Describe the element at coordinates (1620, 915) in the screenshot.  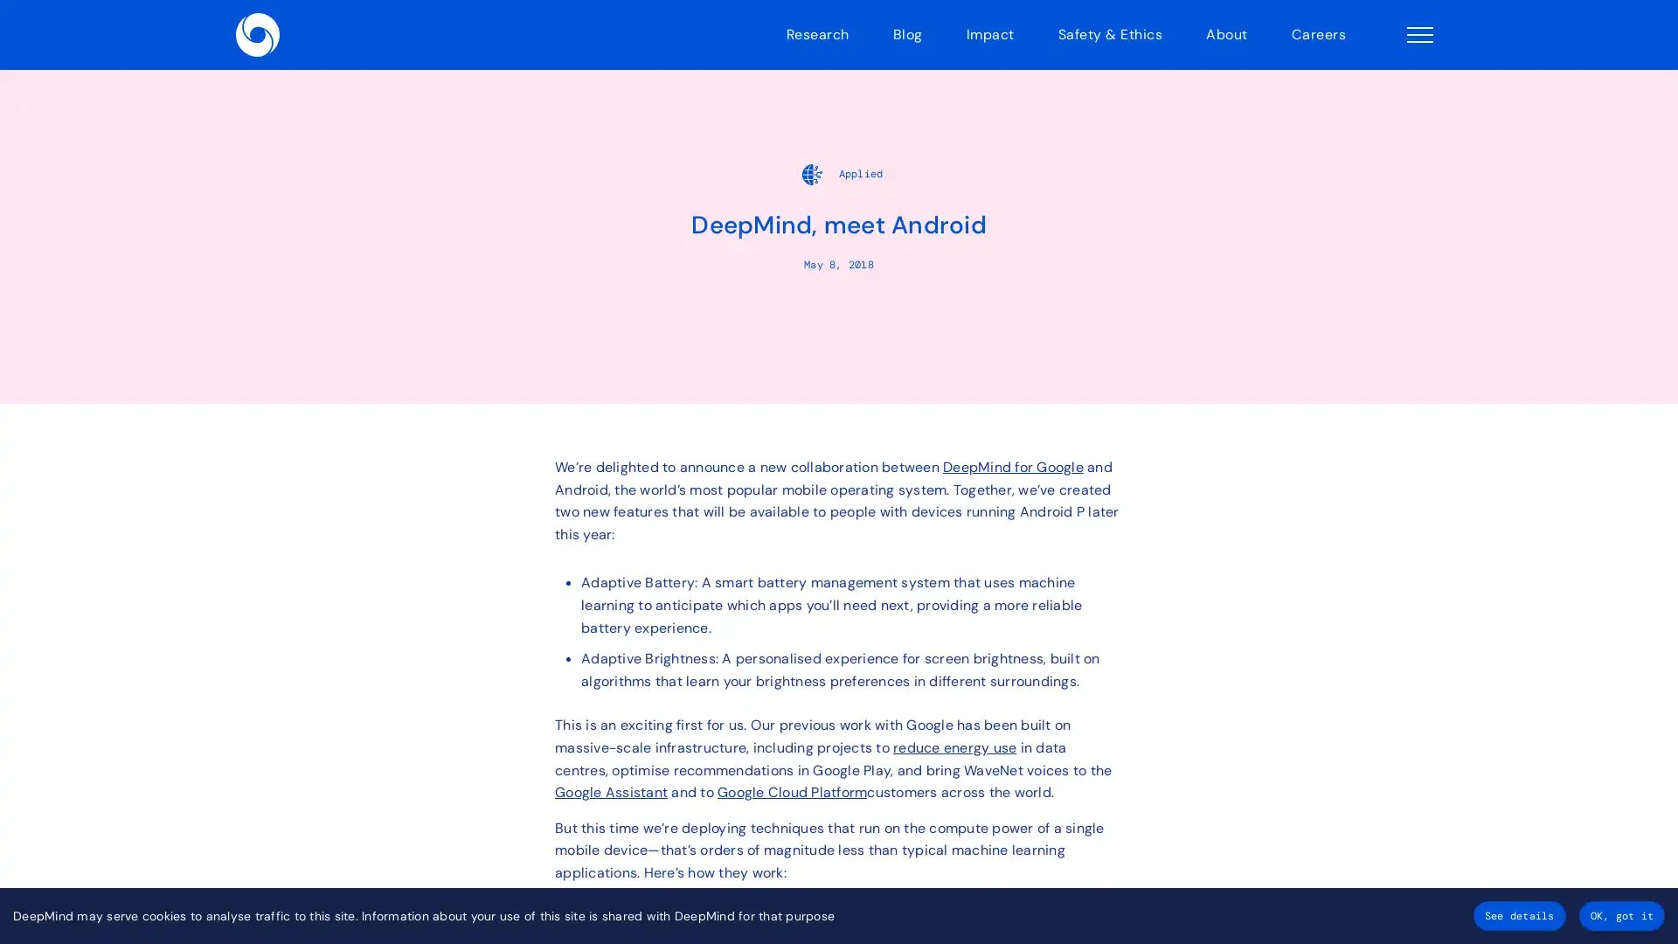
I see `OK, got it` at that location.